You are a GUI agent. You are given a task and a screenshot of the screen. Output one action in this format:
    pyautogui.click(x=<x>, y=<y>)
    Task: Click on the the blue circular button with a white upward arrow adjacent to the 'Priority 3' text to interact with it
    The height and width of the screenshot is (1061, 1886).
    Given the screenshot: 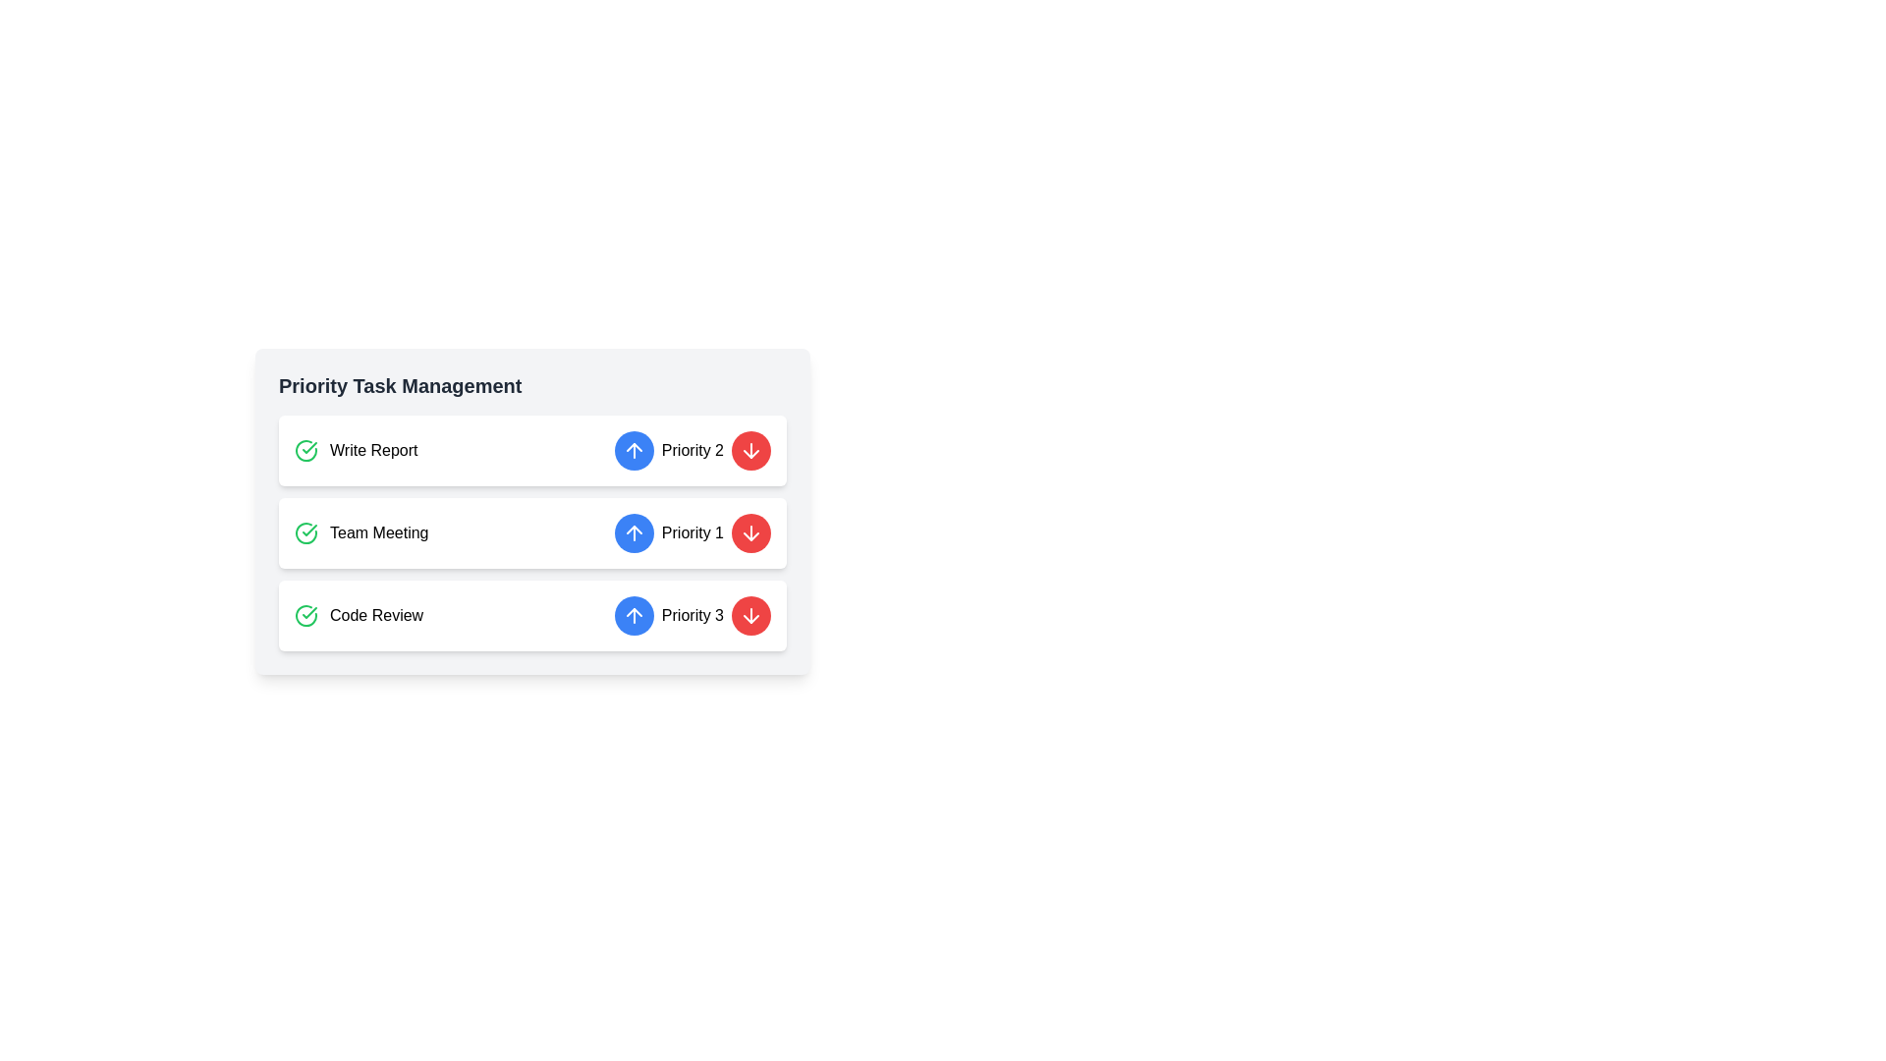 What is the action you would take?
    pyautogui.click(x=634, y=615)
    